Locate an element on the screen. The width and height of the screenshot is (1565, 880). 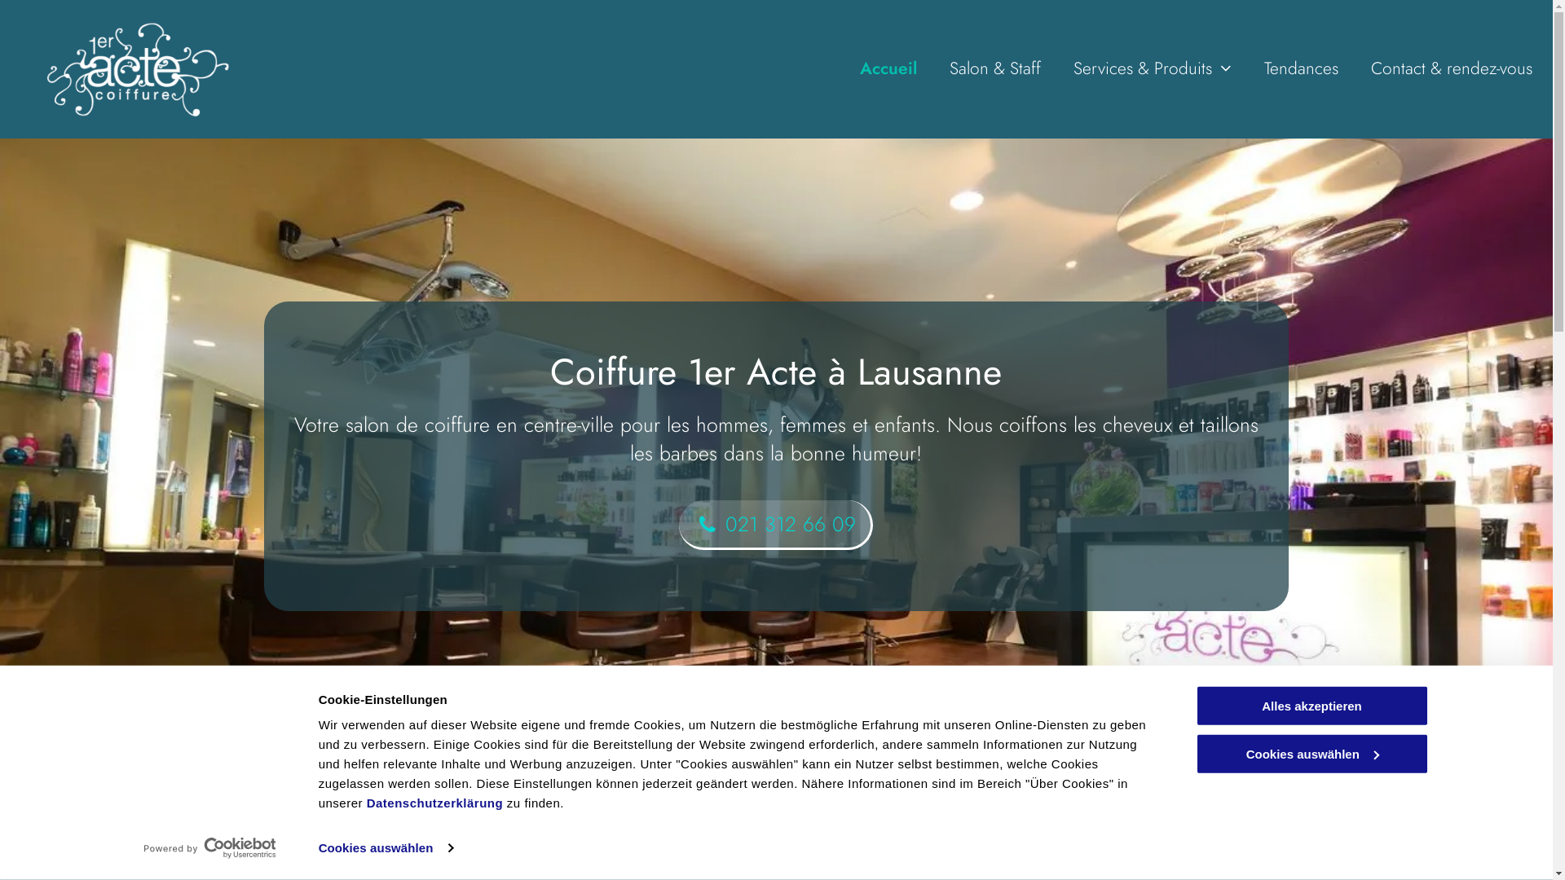
'021 312 66 09' is located at coordinates (774, 525).